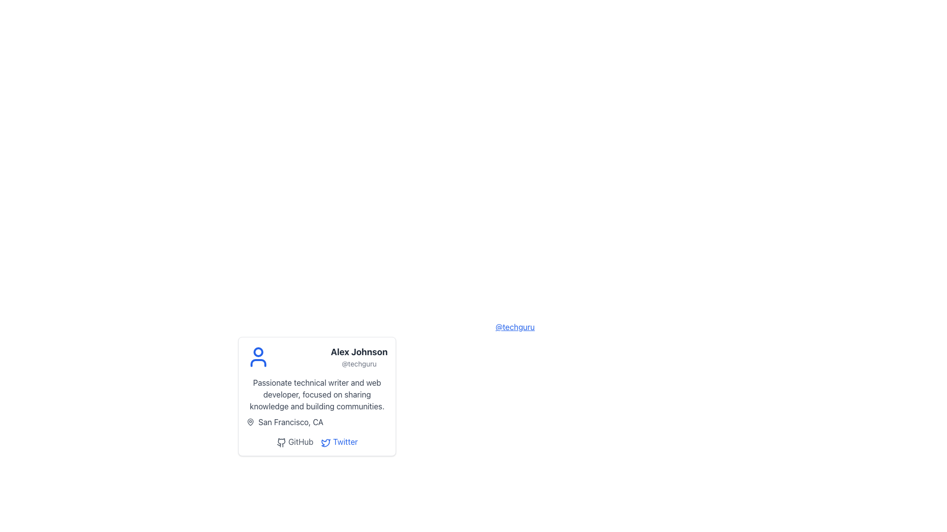 Image resolution: width=947 pixels, height=532 pixels. What do you see at coordinates (250, 421) in the screenshot?
I see `the map pin icon located within the profile card by clicking on its center point` at bounding box center [250, 421].